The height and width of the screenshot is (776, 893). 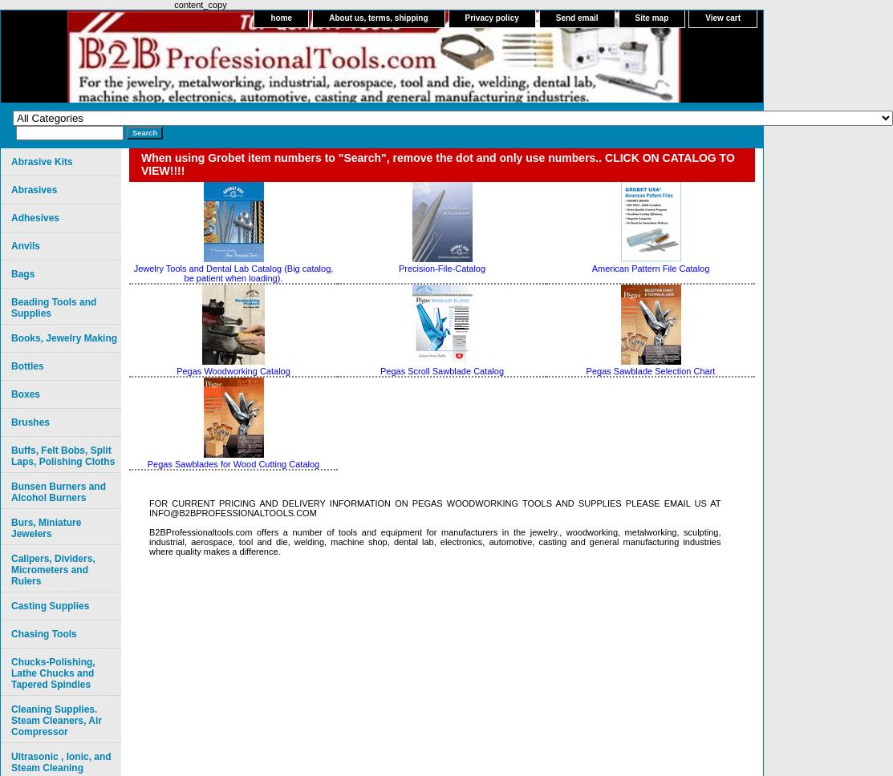 What do you see at coordinates (132, 273) in the screenshot?
I see `'Jewelry Tools and Dental Lab Catalog (Big catalog, be patient when loading).'` at bounding box center [132, 273].